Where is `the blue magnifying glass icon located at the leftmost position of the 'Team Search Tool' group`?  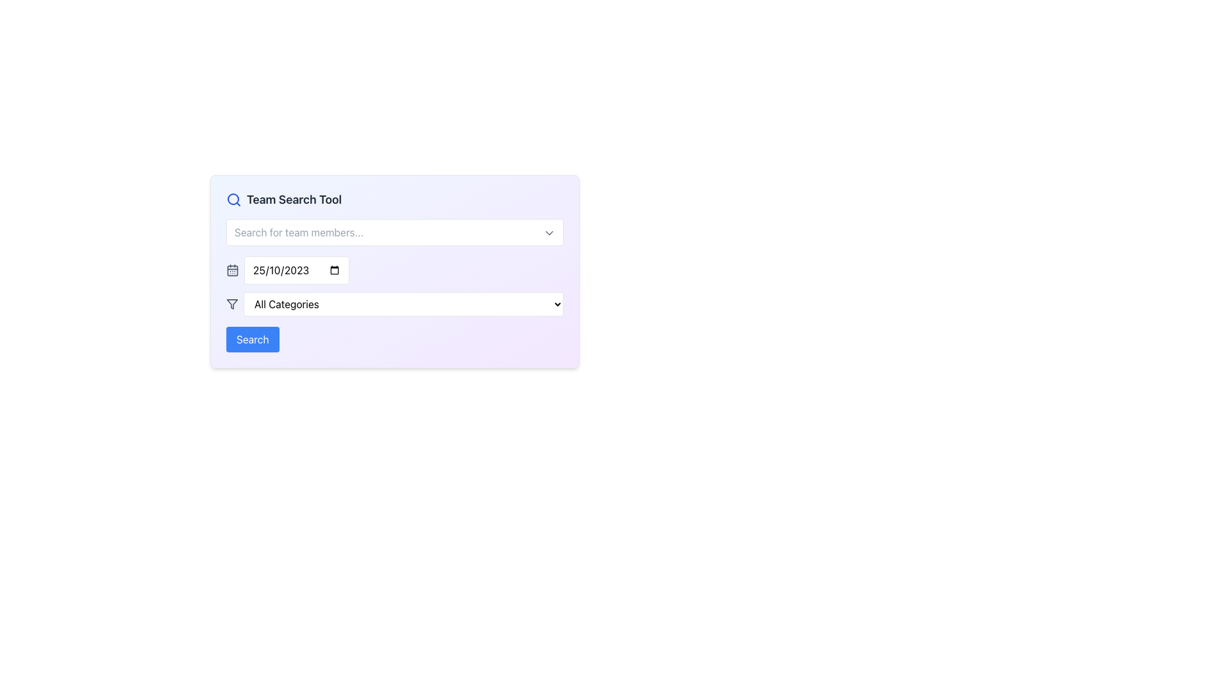
the blue magnifying glass icon located at the leftmost position of the 'Team Search Tool' group is located at coordinates (233, 200).